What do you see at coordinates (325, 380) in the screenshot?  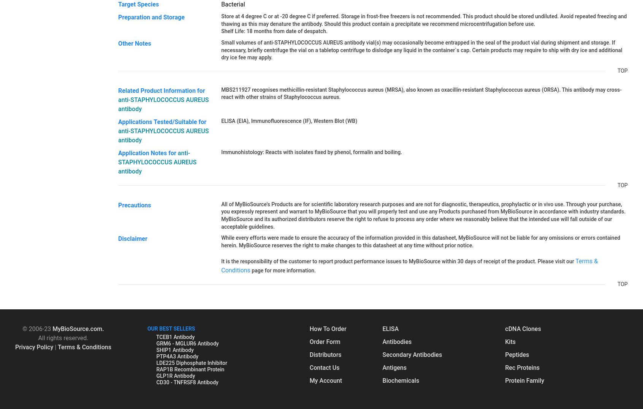 I see `'My Account'` at bounding box center [325, 380].